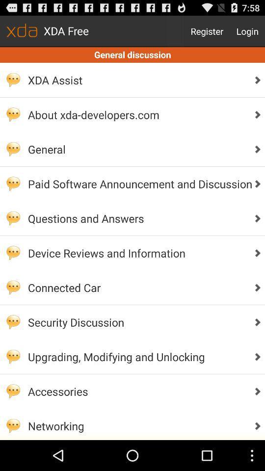 Image resolution: width=265 pixels, height=471 pixels. Describe the element at coordinates (137, 288) in the screenshot. I see `connected car` at that location.